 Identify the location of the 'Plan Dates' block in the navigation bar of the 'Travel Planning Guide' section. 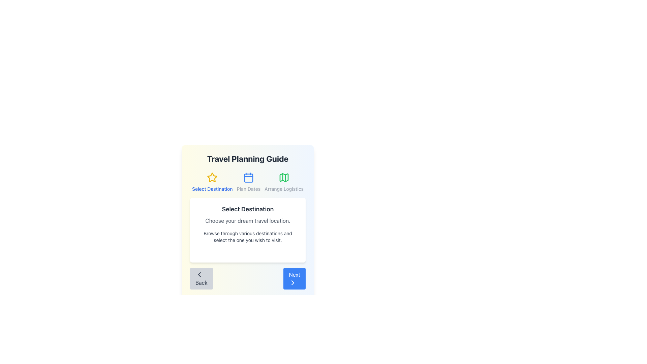
(247, 182).